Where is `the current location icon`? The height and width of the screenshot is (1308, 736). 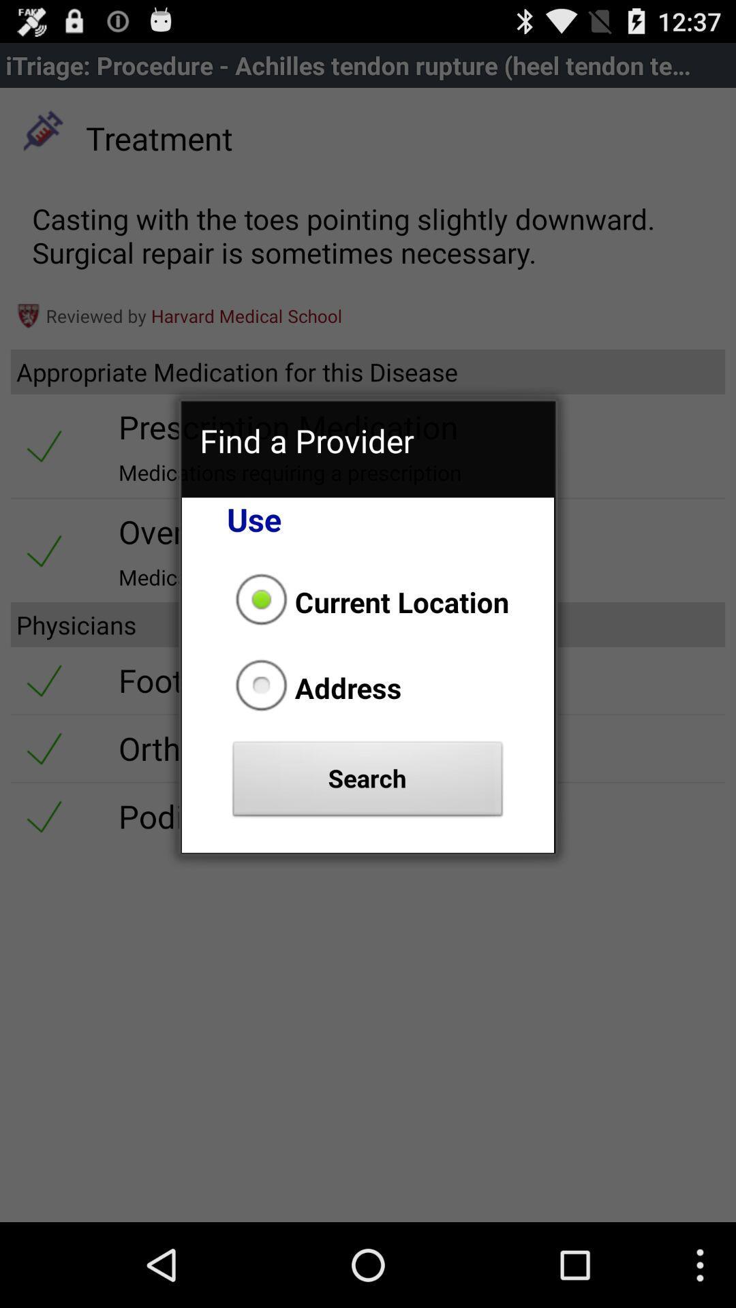
the current location icon is located at coordinates (368, 601).